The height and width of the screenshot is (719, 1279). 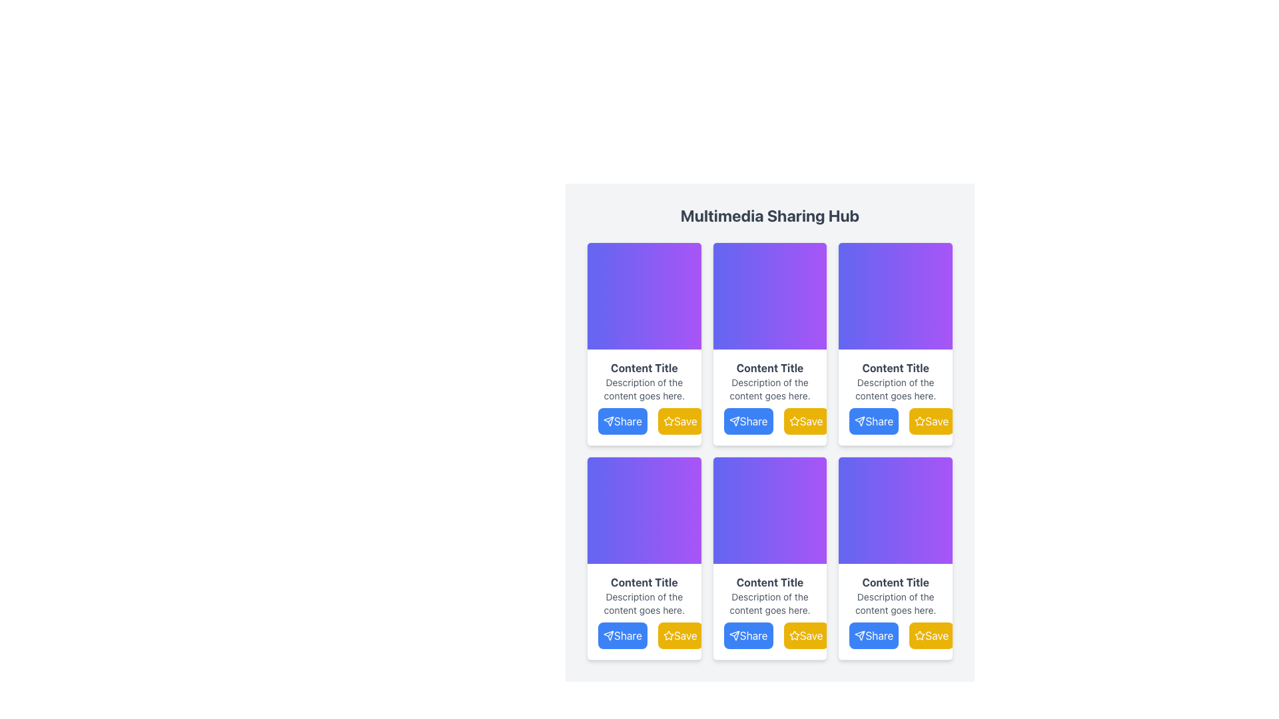 What do you see at coordinates (770, 389) in the screenshot?
I see `the descriptive label positioned below the title 'Content Title' and above the 'Share' and 'Save' buttons in the second block from the left in the top row of the grid layout` at bounding box center [770, 389].